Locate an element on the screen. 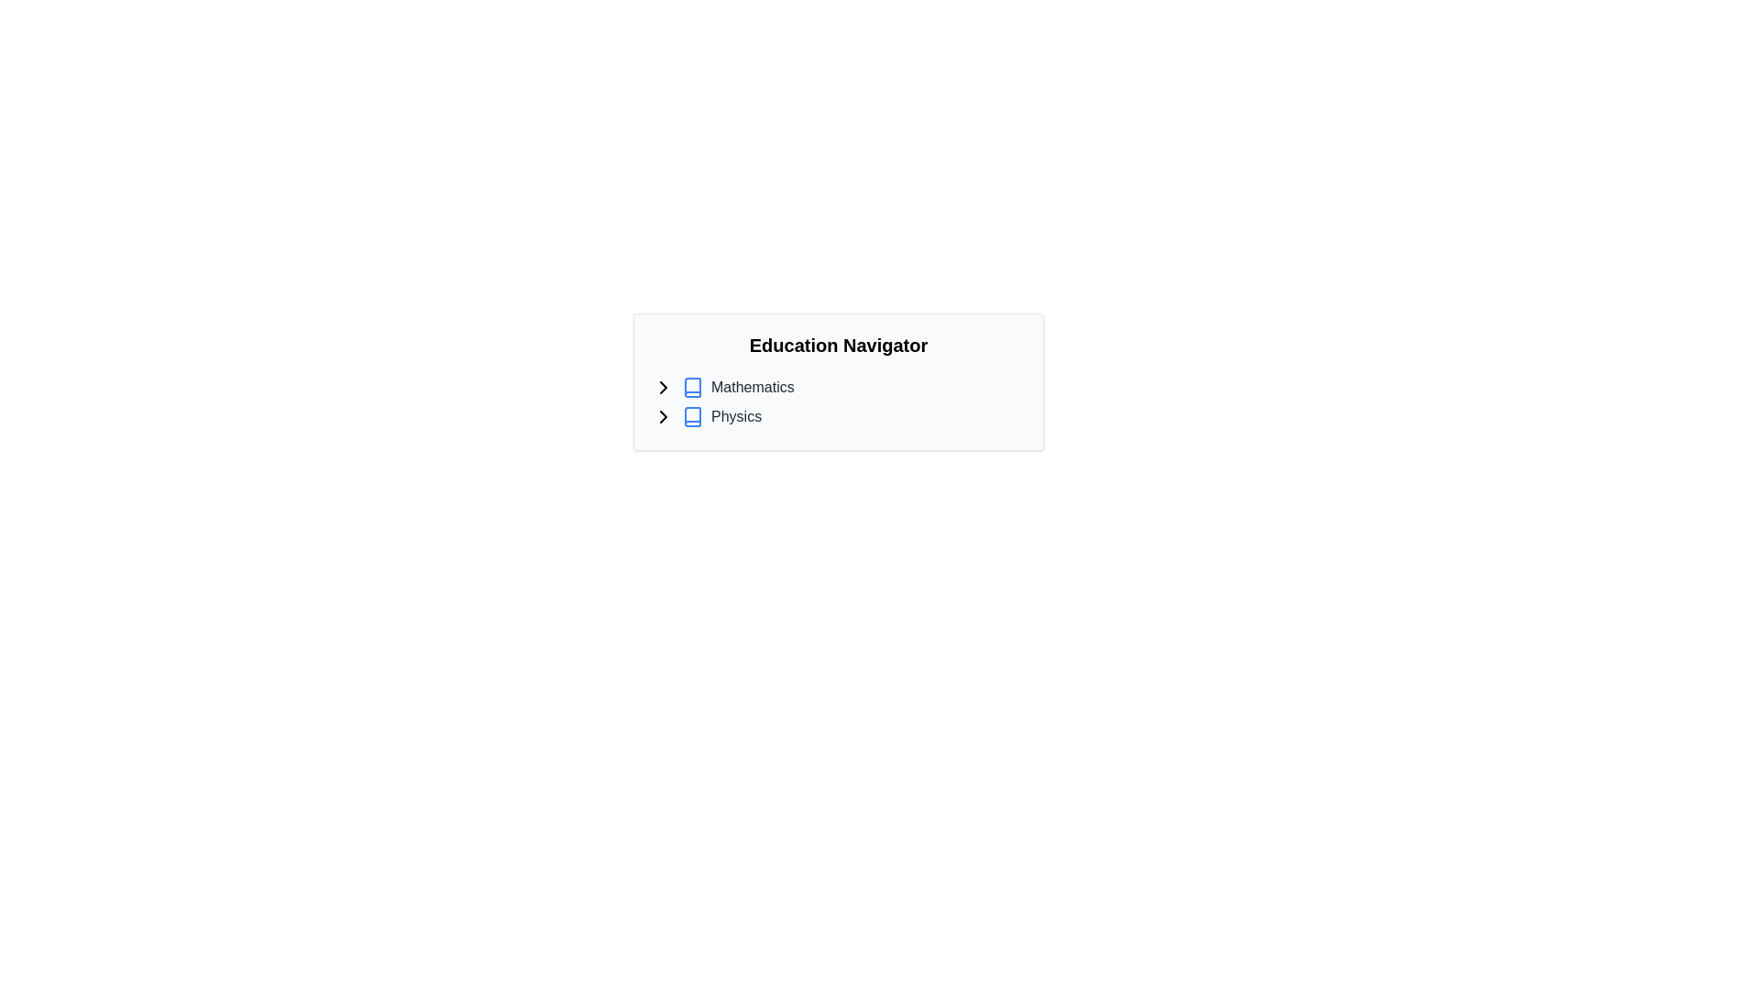  text label indicating the section titled 'Mathematics', which is positioned to the right of a blue book icon in the navigation interface is located at coordinates (753, 387).